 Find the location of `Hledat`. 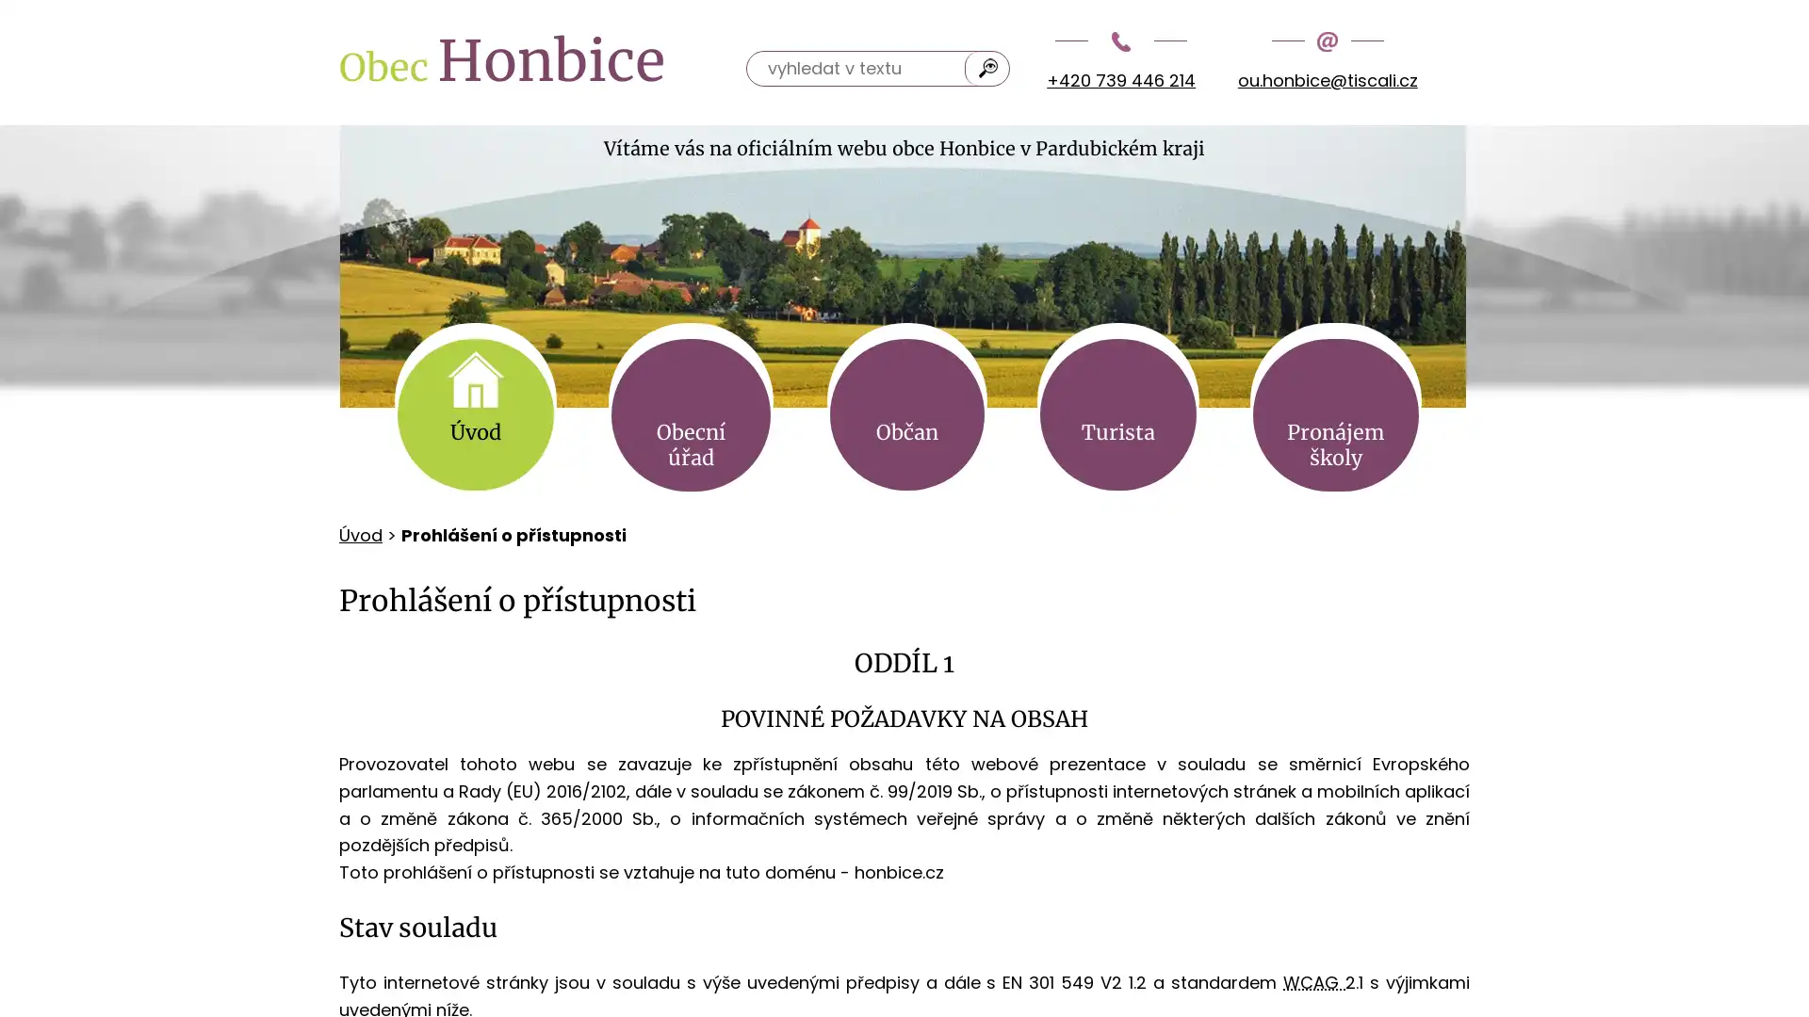

Hledat is located at coordinates (987, 67).